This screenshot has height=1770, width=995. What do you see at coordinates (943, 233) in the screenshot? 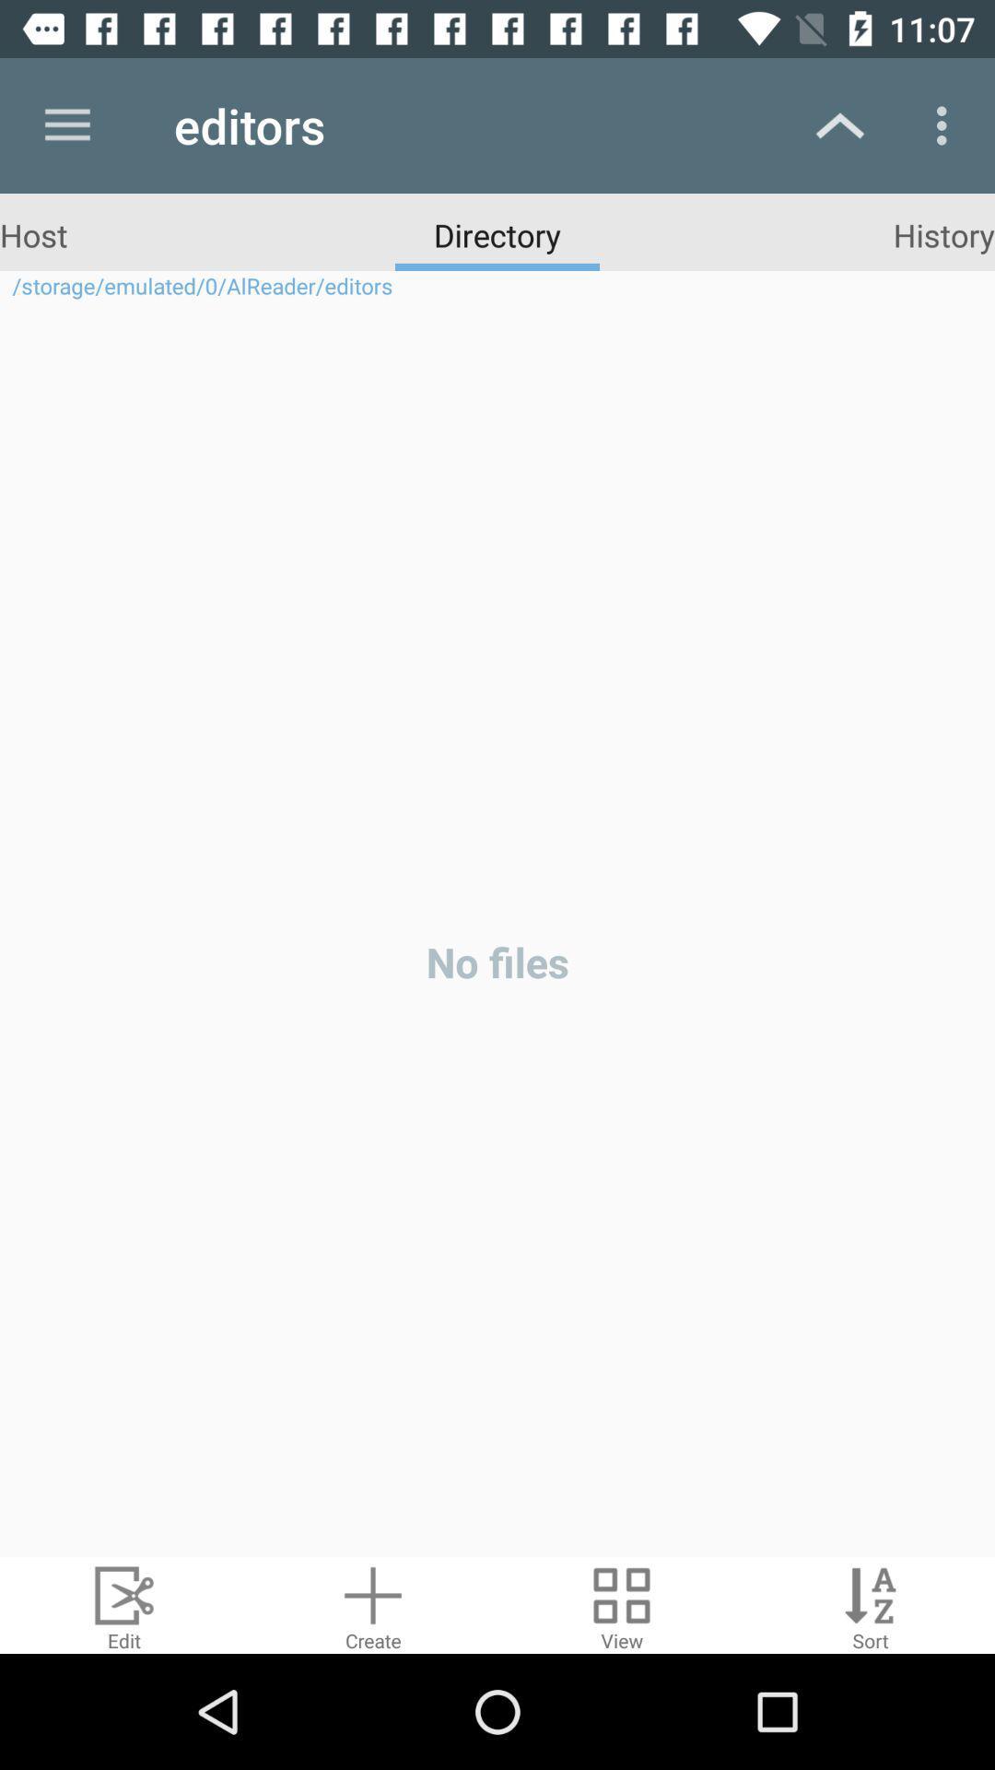
I see `the item above the storage emulated 0 icon` at bounding box center [943, 233].